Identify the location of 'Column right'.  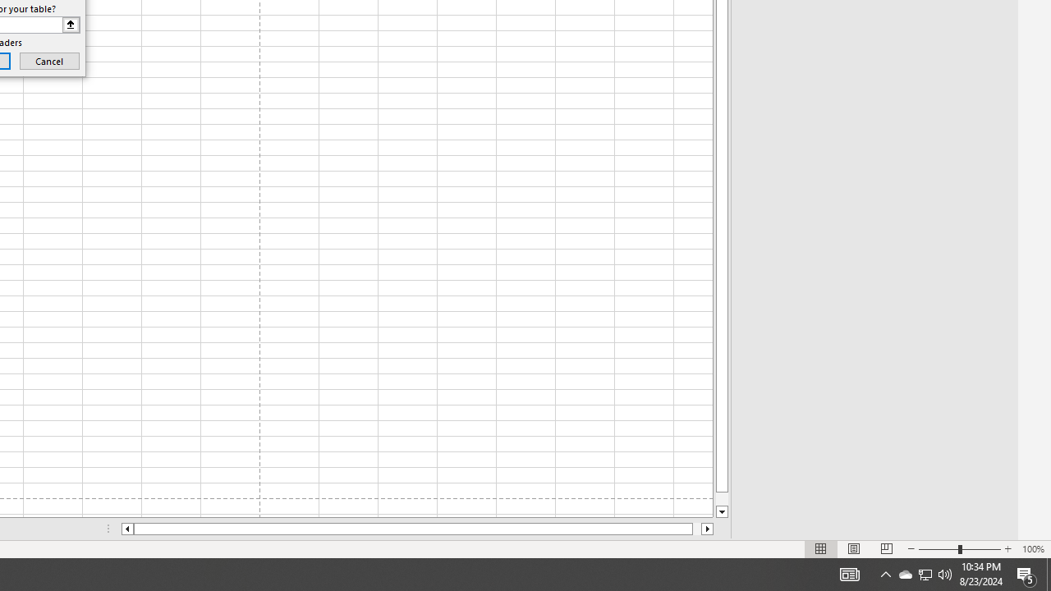
(708, 529).